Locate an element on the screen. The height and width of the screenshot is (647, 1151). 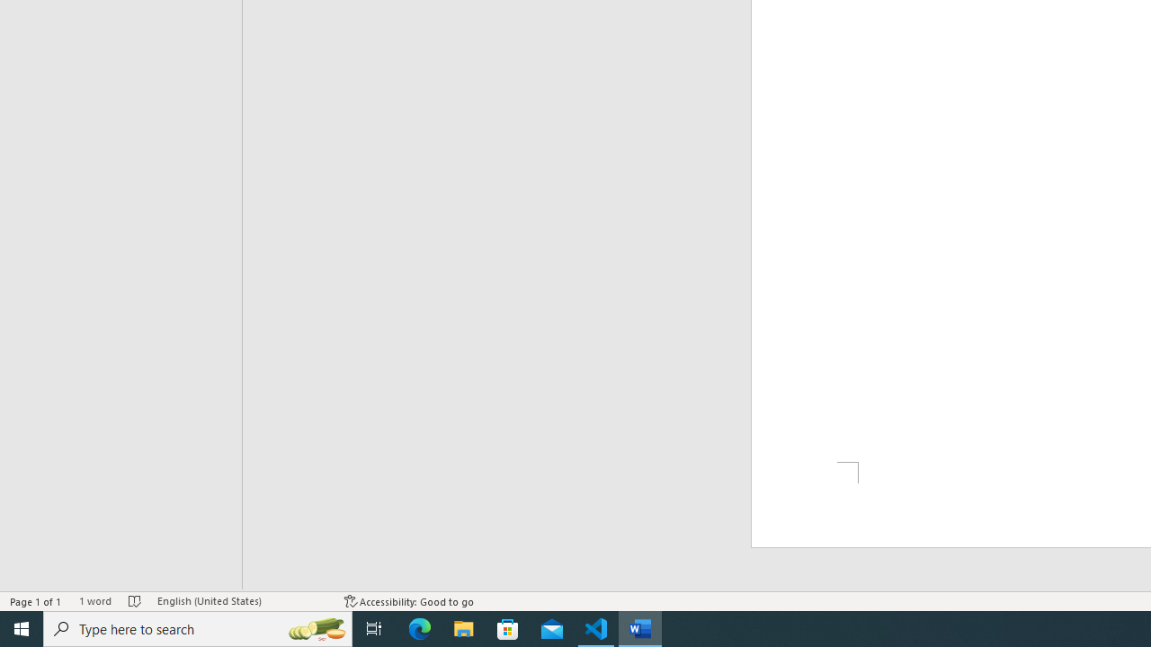
'Start' is located at coordinates (22, 627).